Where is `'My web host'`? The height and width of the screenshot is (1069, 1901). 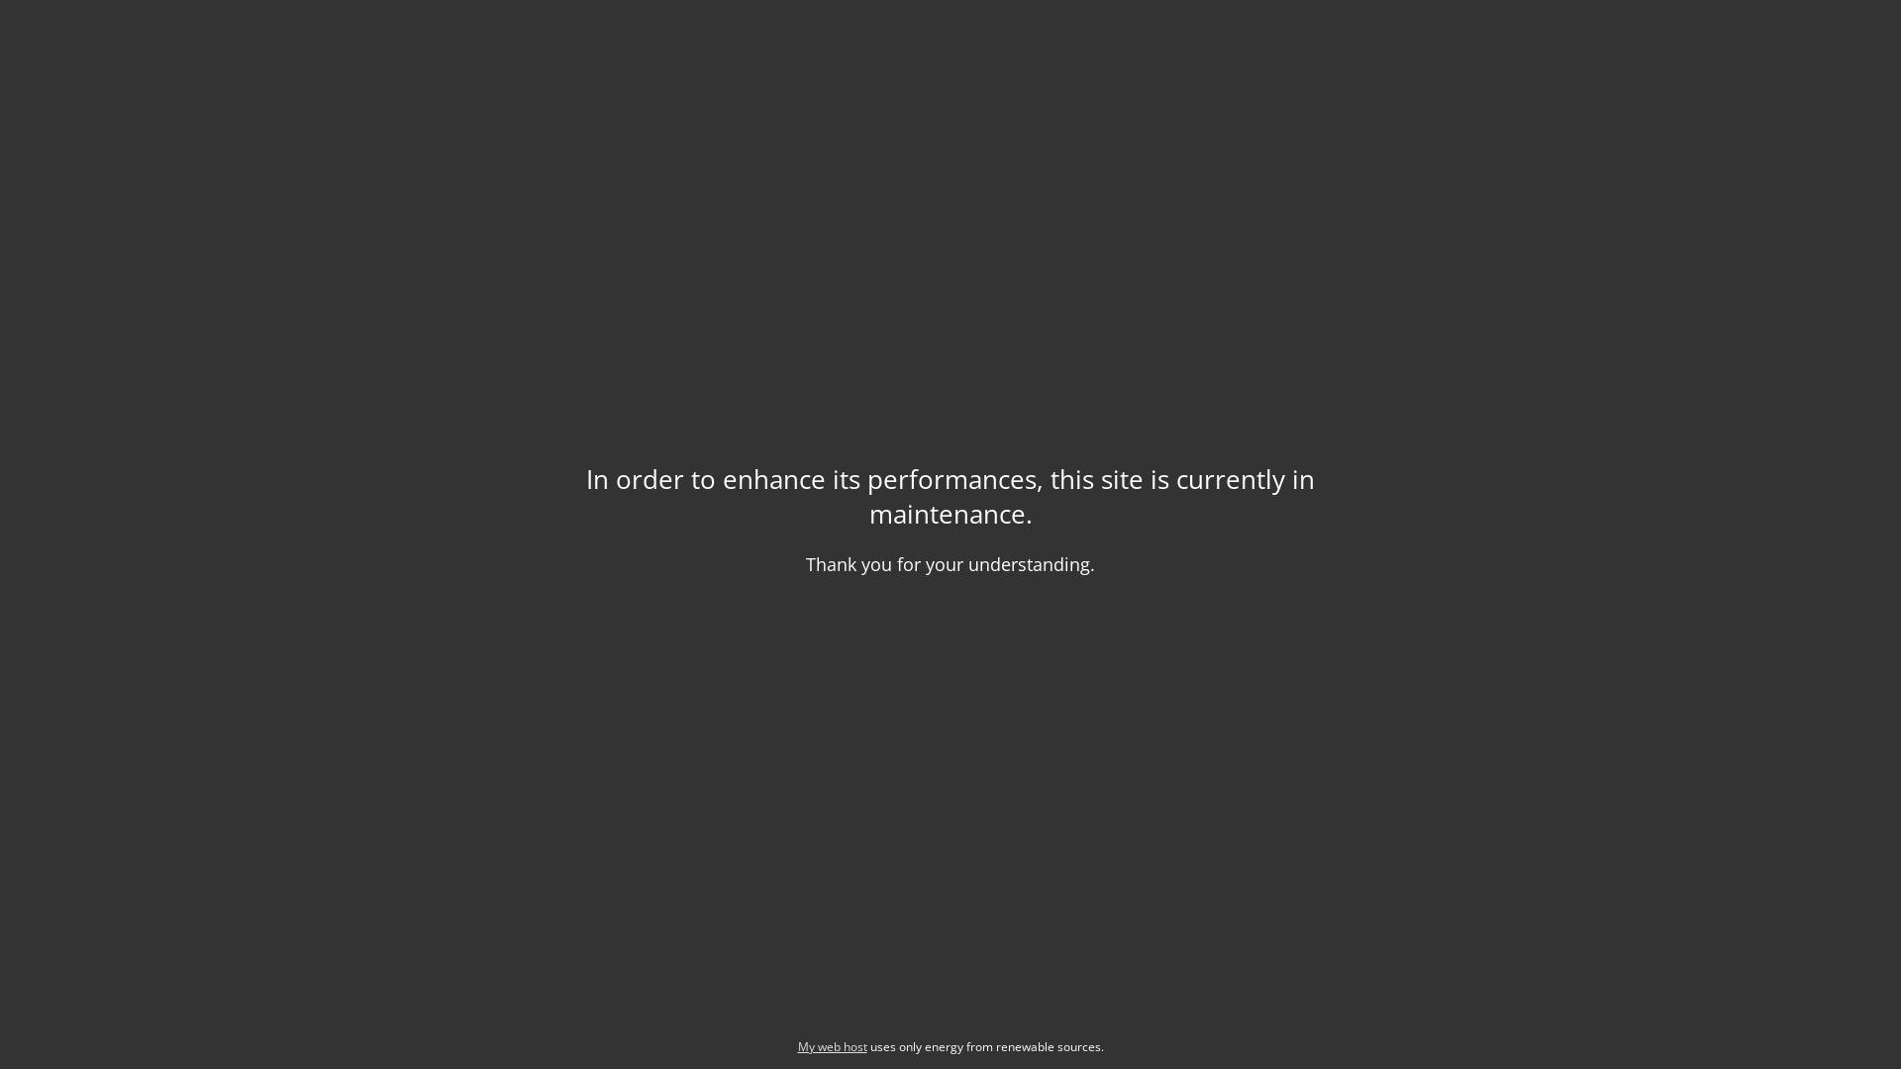
'My web host' is located at coordinates (832, 1045).